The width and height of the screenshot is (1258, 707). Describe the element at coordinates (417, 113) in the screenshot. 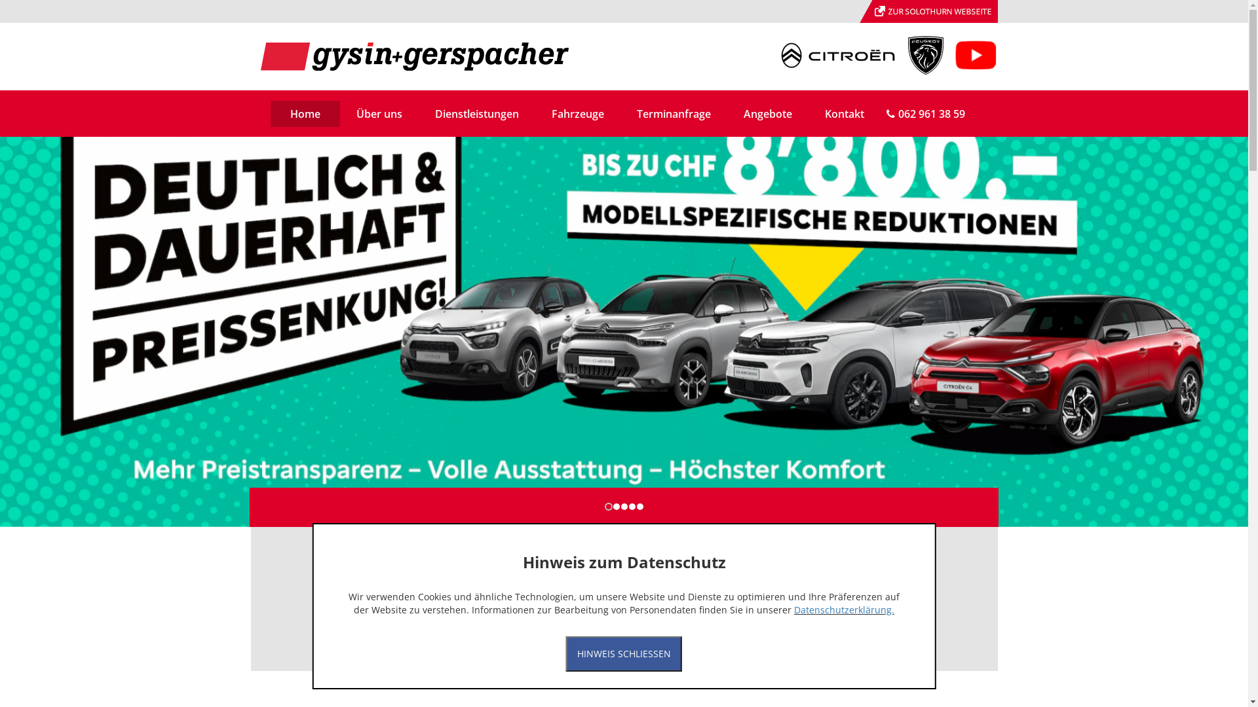

I see `'Dienstleistungen'` at that location.